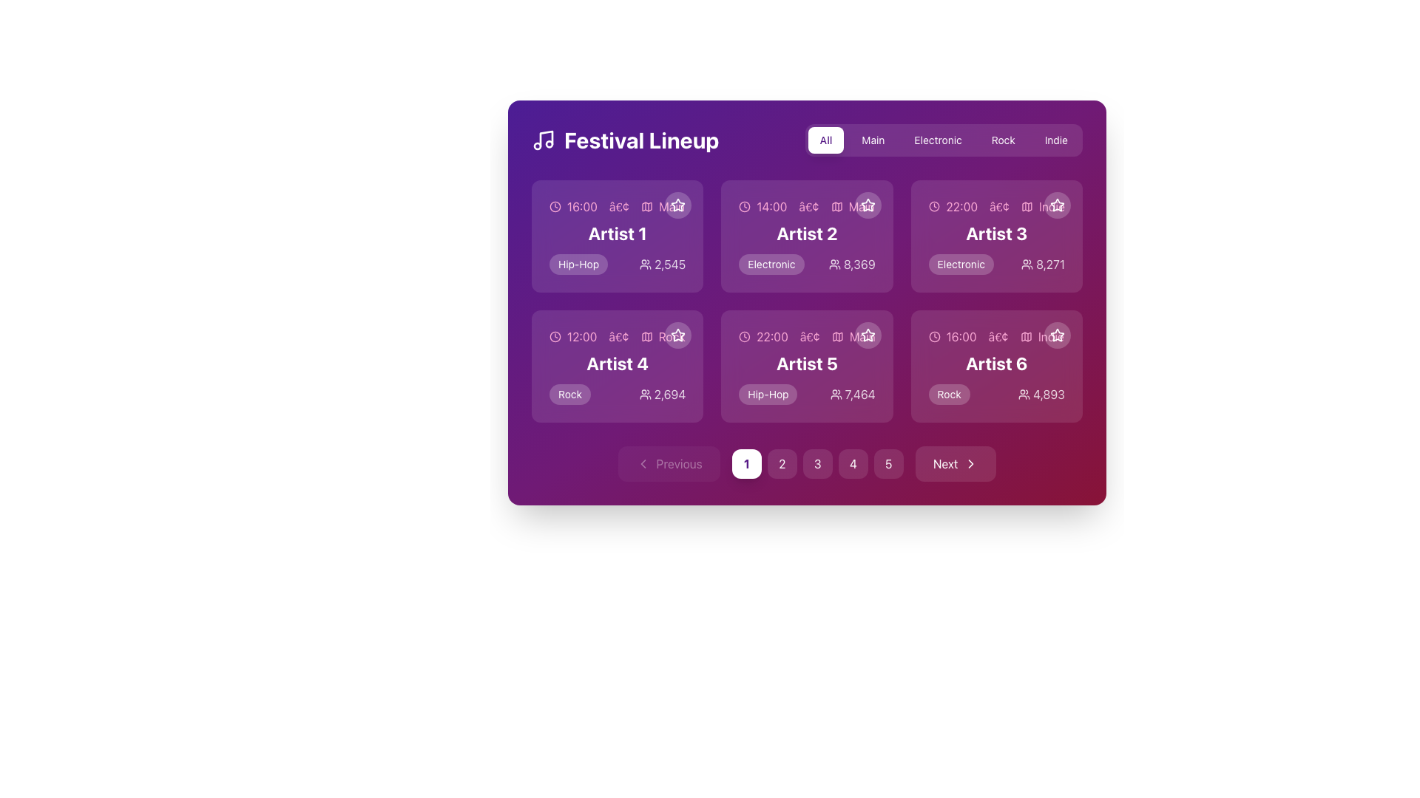 Image resolution: width=1420 pixels, height=798 pixels. Describe the element at coordinates (677, 335) in the screenshot. I see `the star icon button located in the top-right corner of the 'Artist 4' card to favorite the artist` at that location.